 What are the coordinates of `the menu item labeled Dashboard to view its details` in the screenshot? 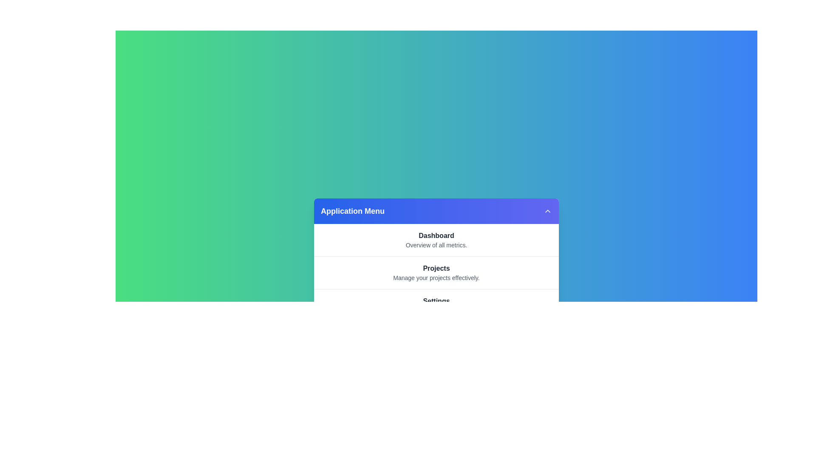 It's located at (436, 236).